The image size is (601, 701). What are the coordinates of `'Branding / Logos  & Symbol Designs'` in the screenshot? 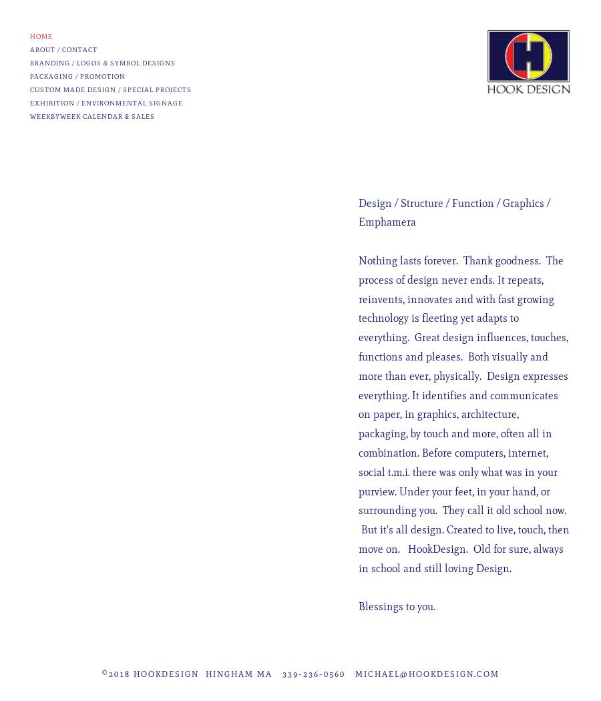 It's located at (102, 63).